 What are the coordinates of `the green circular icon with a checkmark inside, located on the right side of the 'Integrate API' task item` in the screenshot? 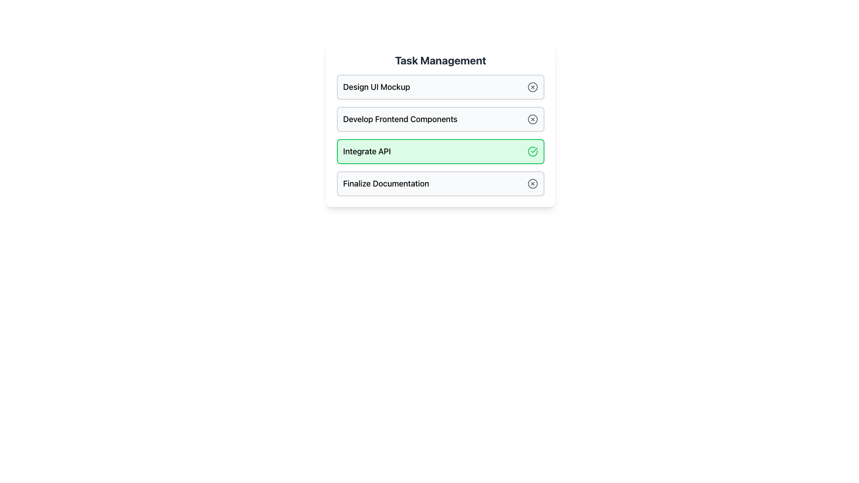 It's located at (532, 151).